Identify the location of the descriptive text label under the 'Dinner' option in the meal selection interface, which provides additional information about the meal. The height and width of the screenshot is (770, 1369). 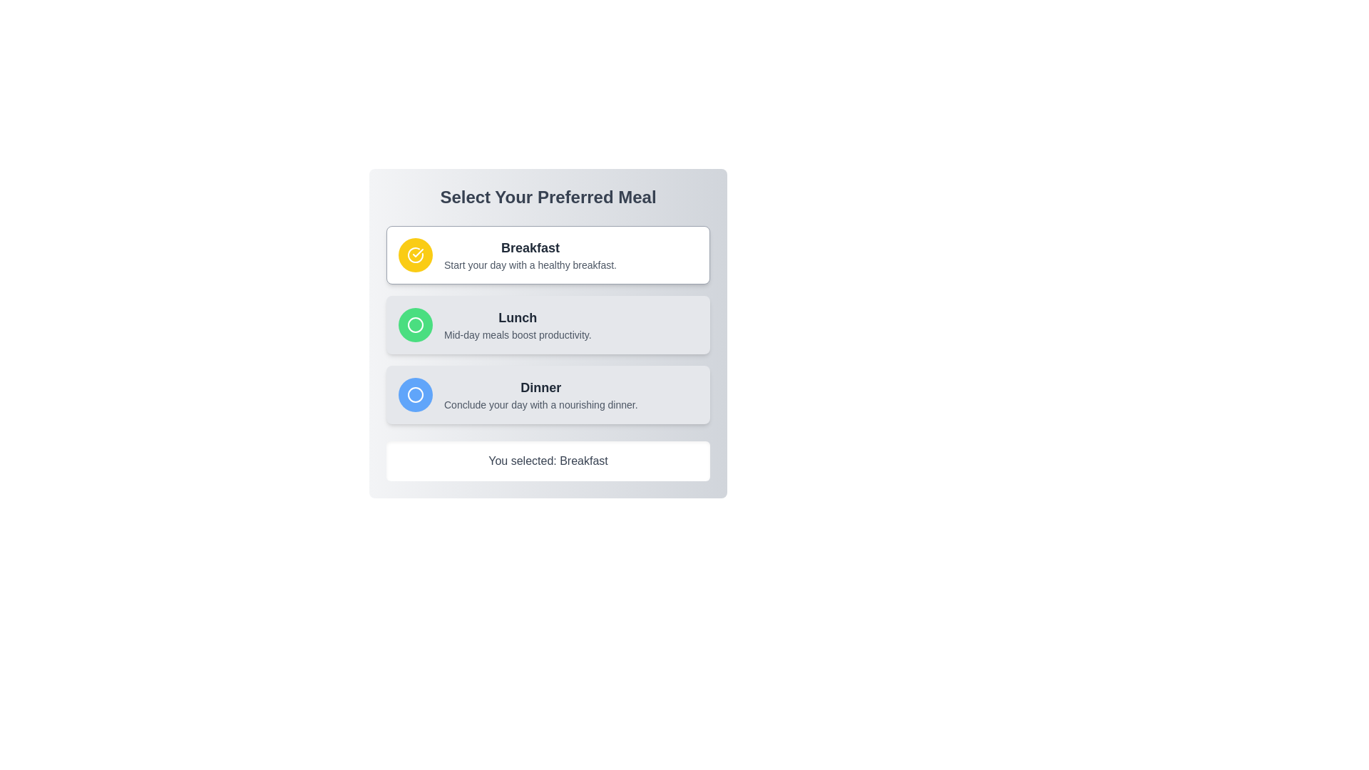
(540, 404).